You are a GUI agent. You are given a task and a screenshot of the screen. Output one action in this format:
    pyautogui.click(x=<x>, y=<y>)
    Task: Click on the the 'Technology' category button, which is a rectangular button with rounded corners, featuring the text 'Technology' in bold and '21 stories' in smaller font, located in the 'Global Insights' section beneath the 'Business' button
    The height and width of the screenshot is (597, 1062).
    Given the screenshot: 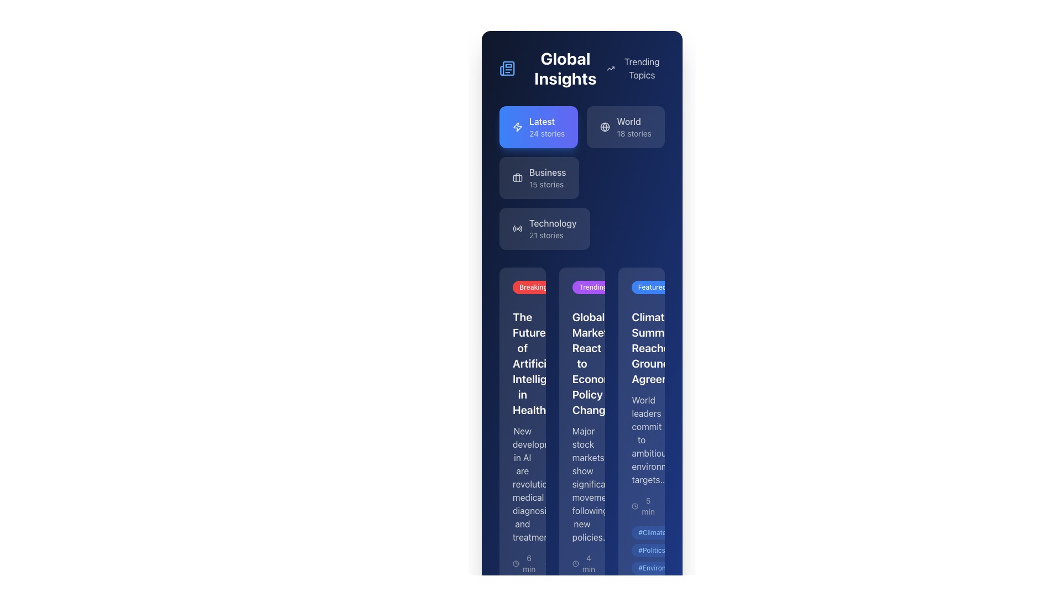 What is the action you would take?
    pyautogui.click(x=544, y=228)
    